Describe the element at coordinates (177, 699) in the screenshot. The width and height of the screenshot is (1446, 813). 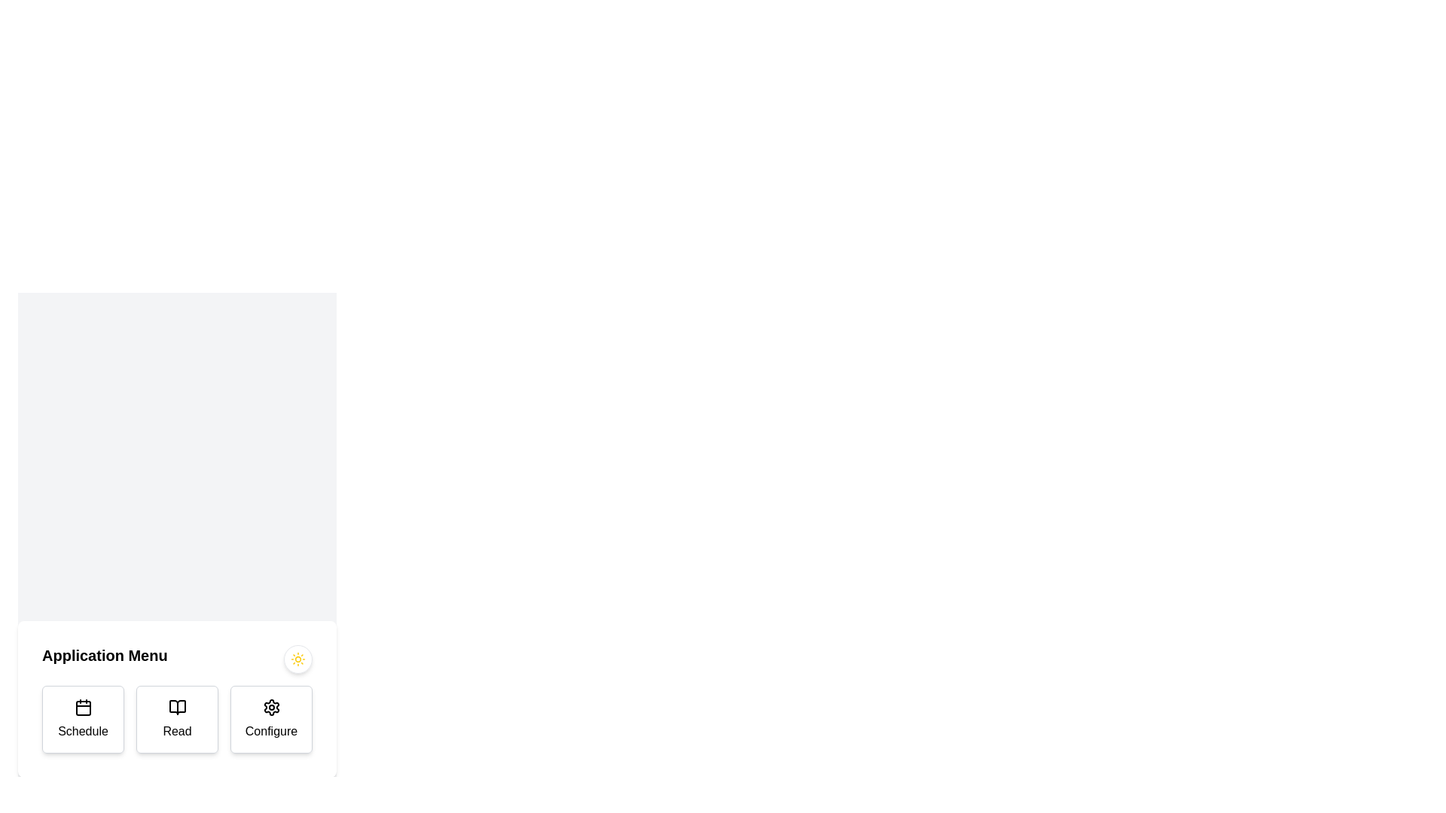
I see `the central button of the navigation group labeled 'Read' located beneath the 'Application Menu' header` at that location.